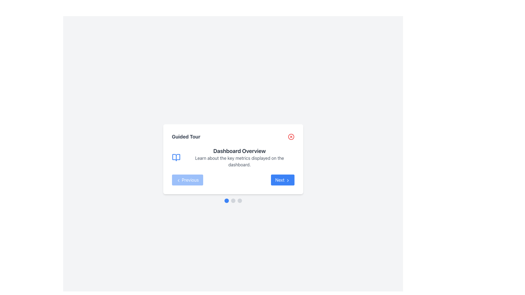 This screenshot has height=295, width=525. What do you see at coordinates (291, 137) in the screenshot?
I see `the close button located in the top-right corner of the modal, next to the title text 'Guided Tour'` at bounding box center [291, 137].